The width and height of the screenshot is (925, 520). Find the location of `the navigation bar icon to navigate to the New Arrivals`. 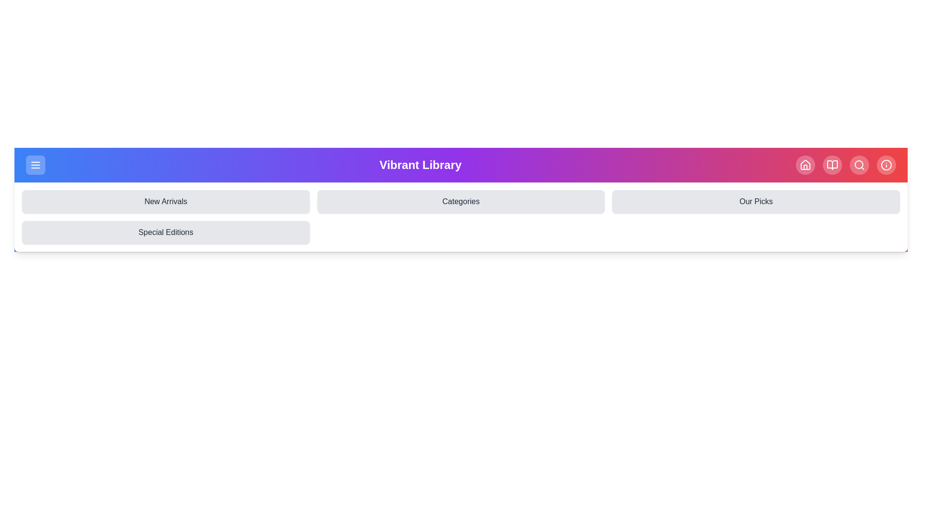

the navigation bar icon to navigate to the New Arrivals is located at coordinates (166, 201).